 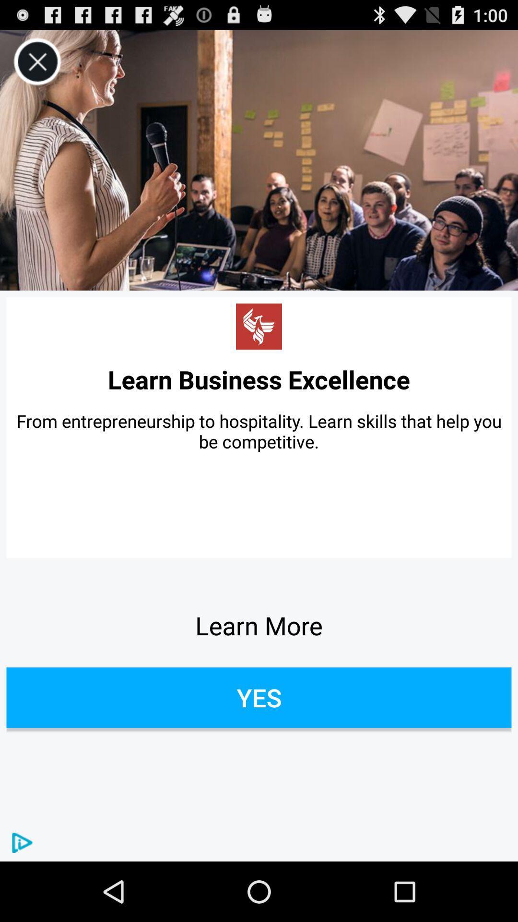 What do you see at coordinates (259, 697) in the screenshot?
I see `the yes` at bounding box center [259, 697].